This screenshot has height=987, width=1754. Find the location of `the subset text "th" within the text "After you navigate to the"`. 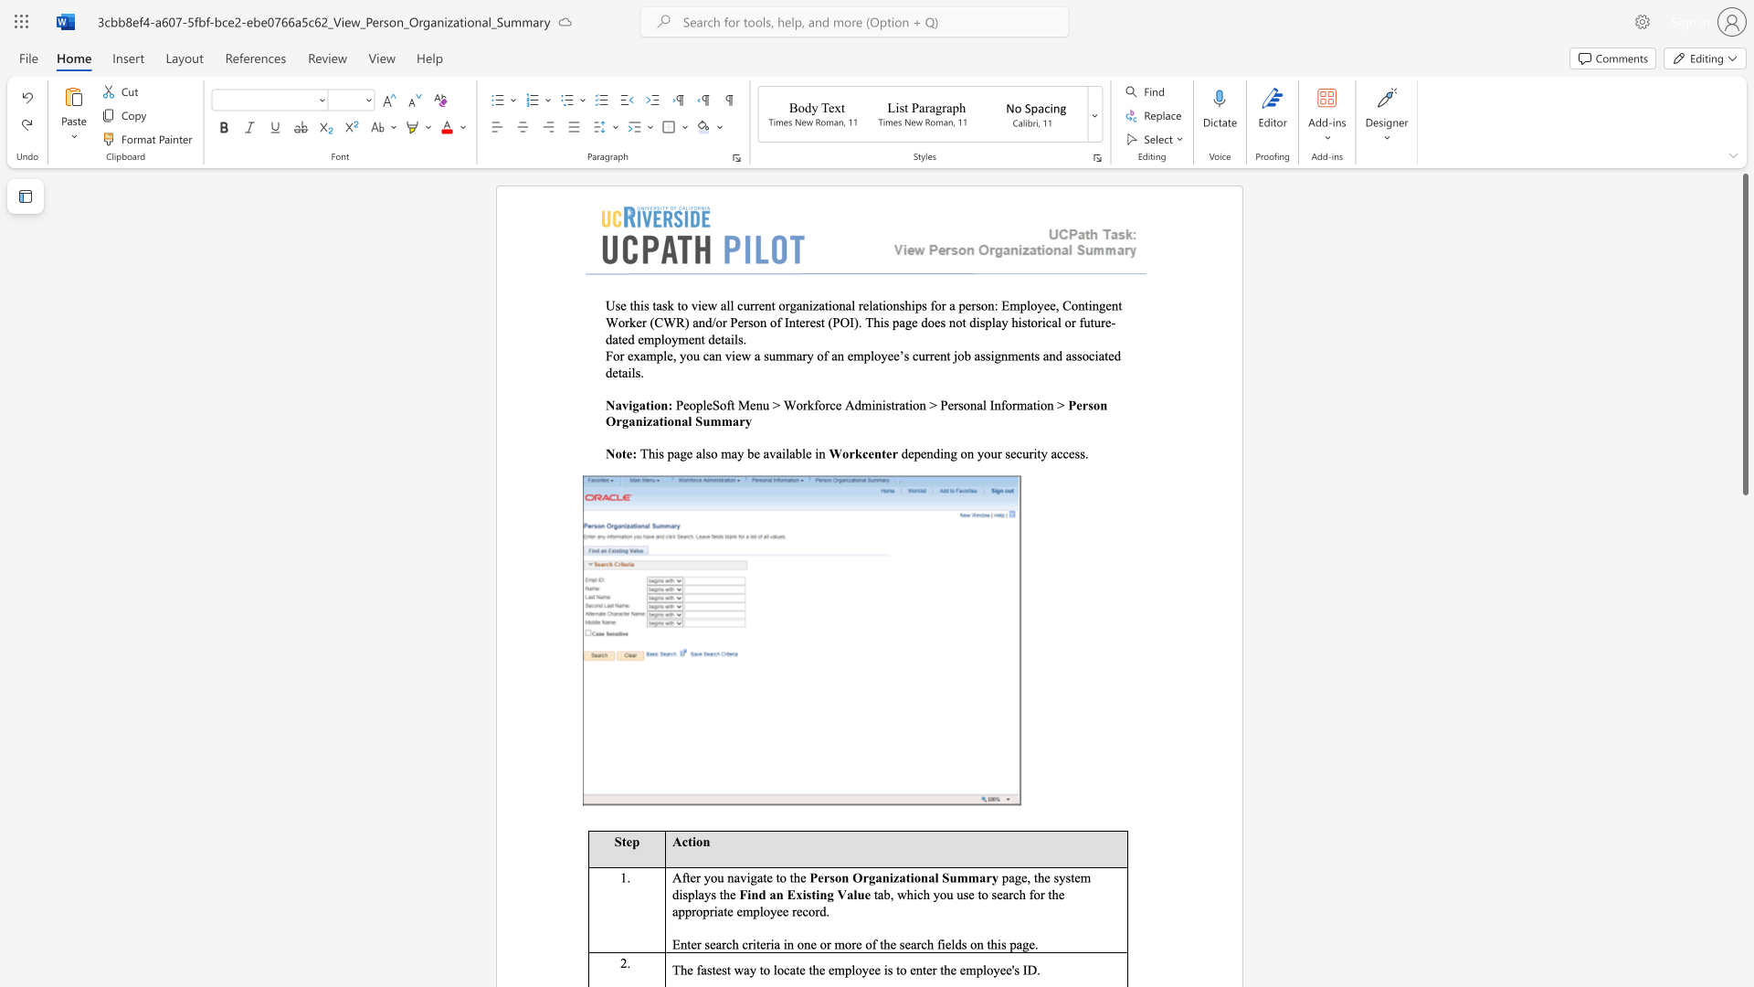

the subset text "th" within the text "After you navigate to the" is located at coordinates (789, 876).